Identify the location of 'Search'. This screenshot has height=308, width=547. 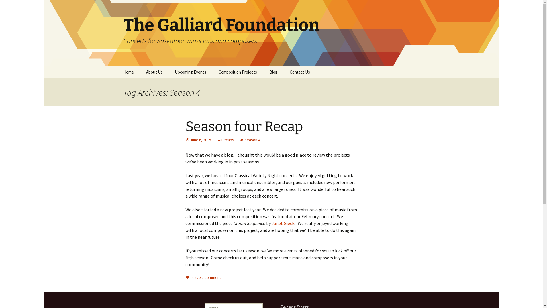
(7, 6).